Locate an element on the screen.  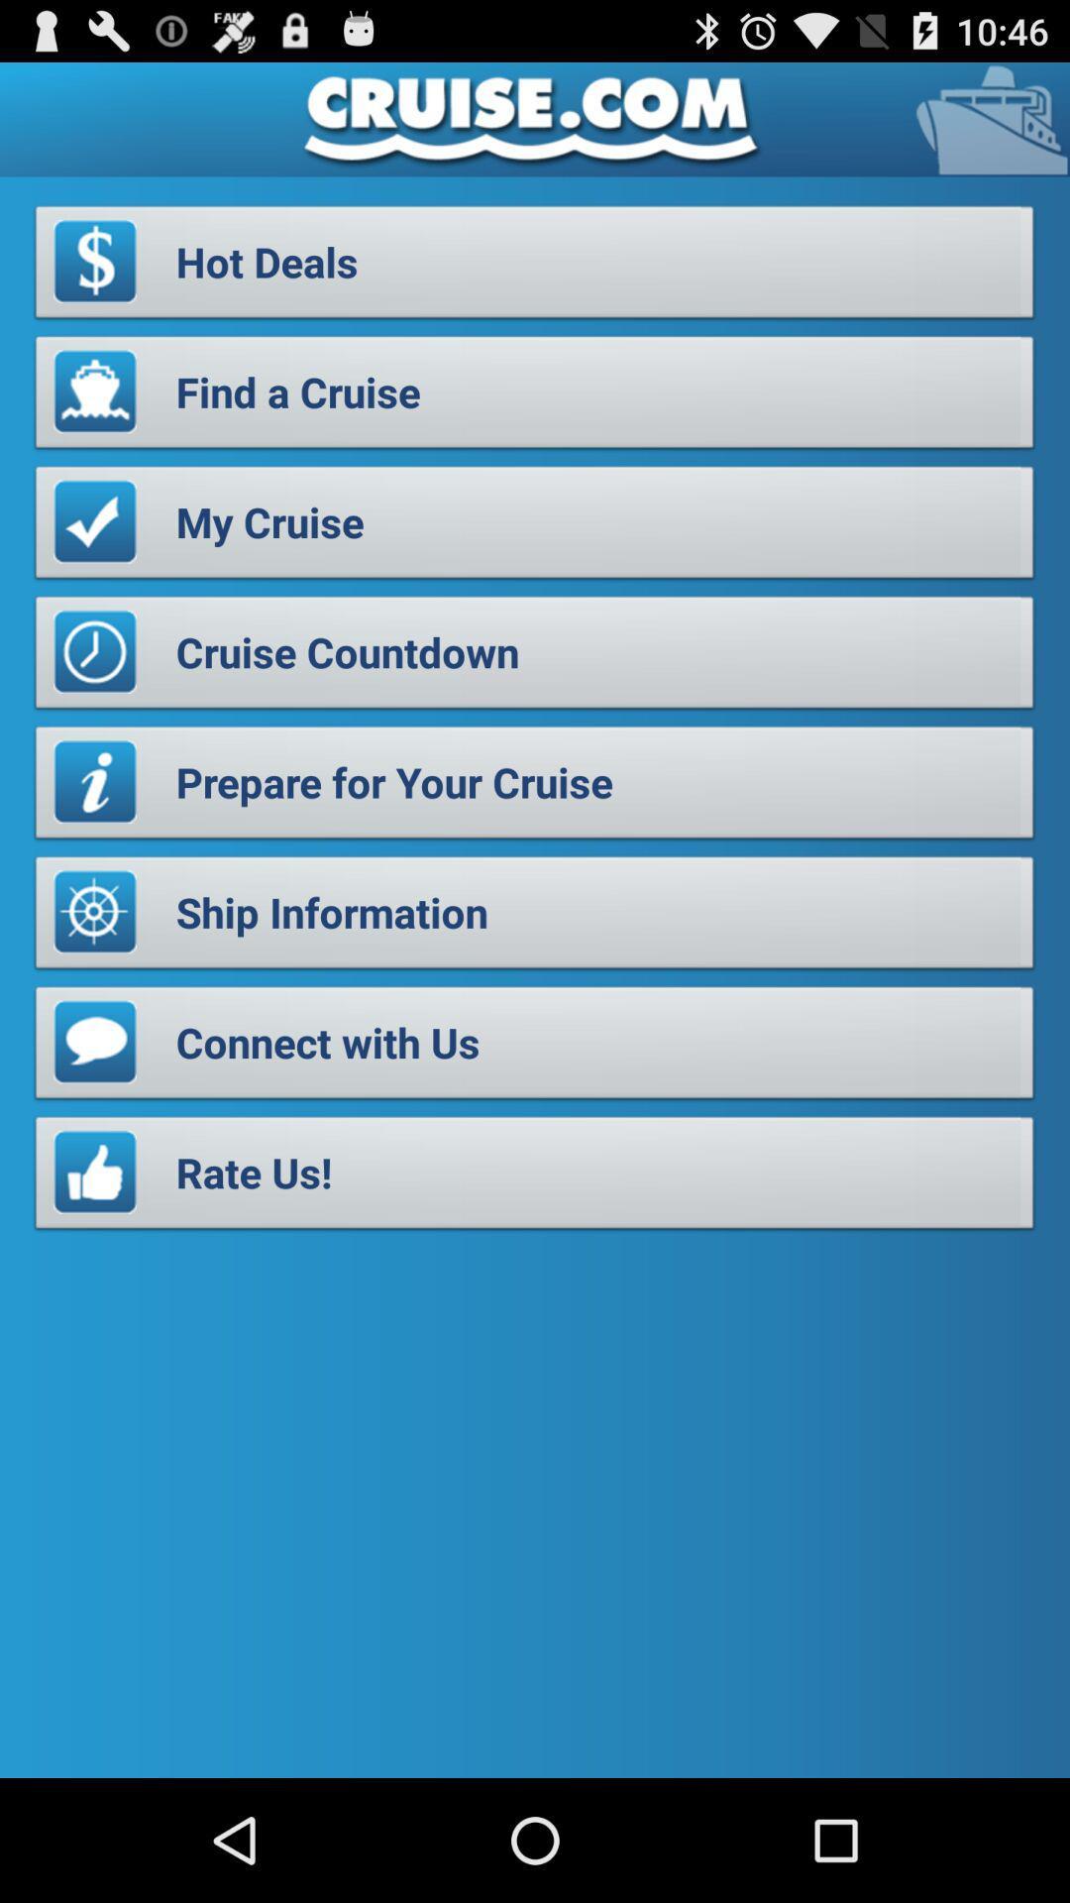
the item below the prepare for your button is located at coordinates (535, 917).